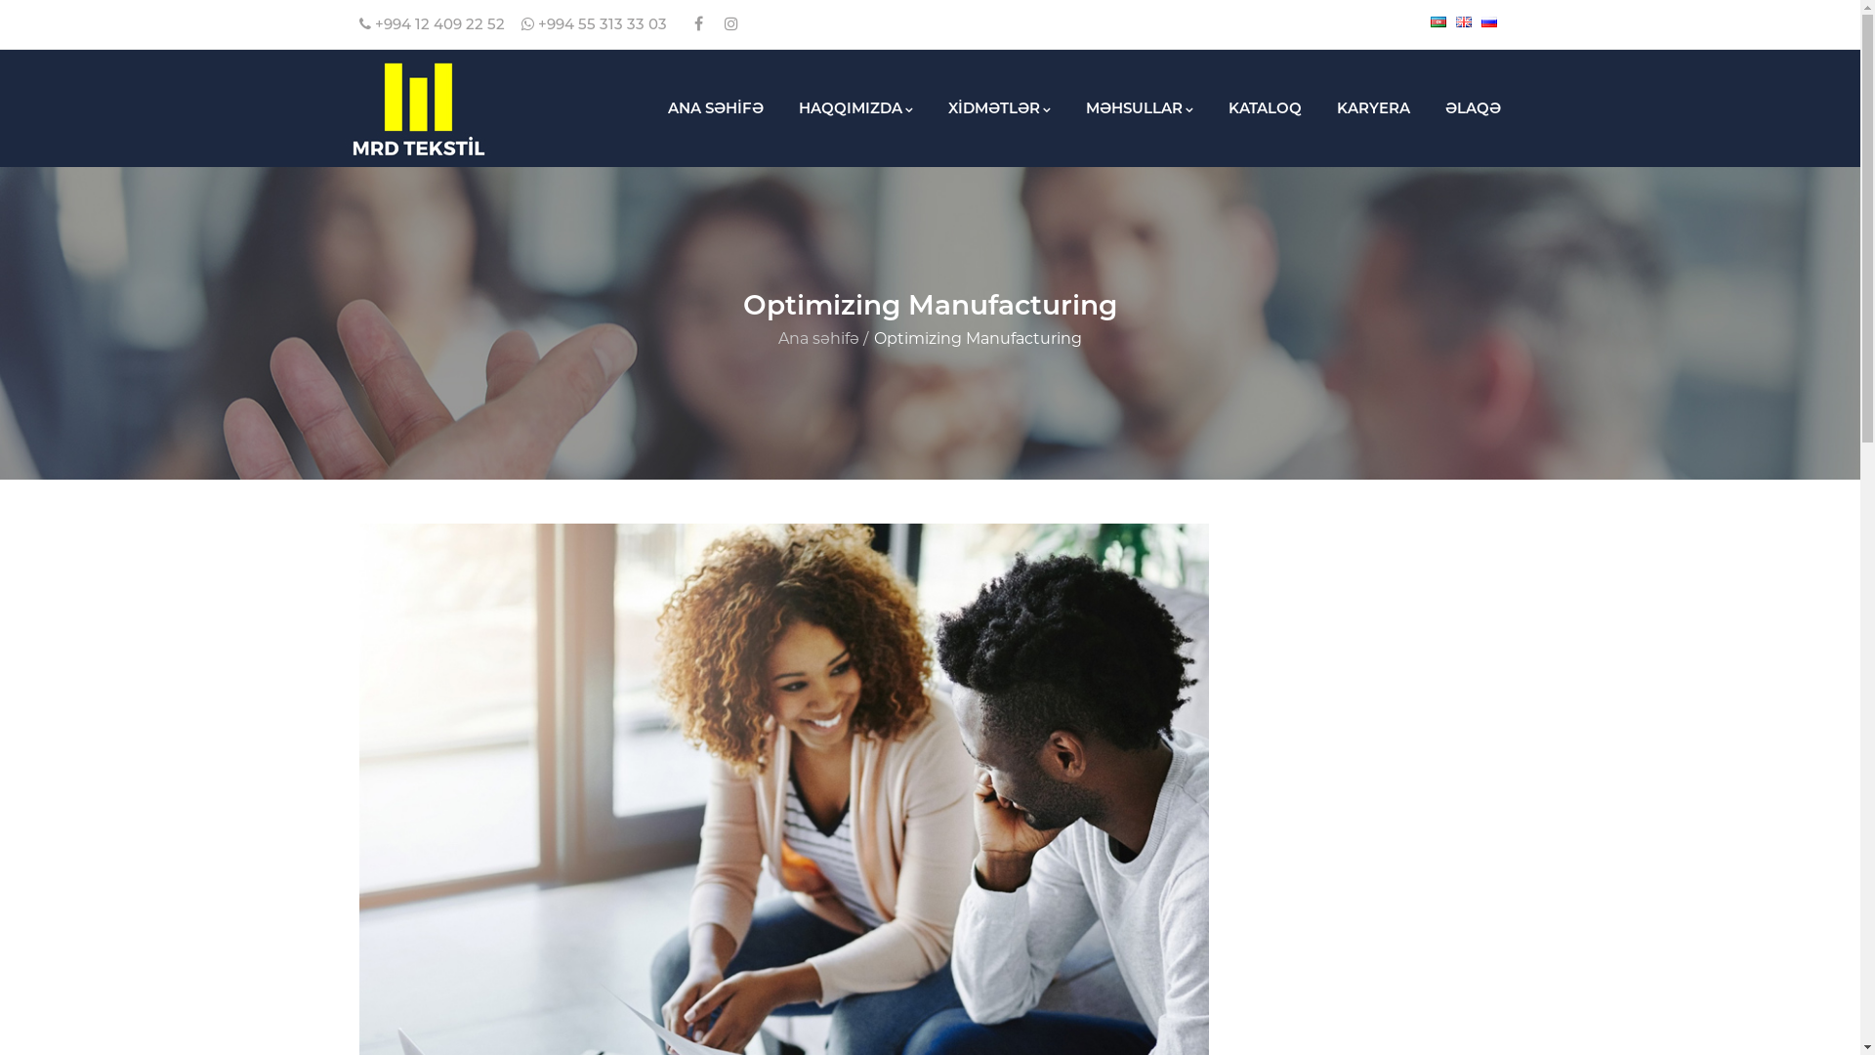 The height and width of the screenshot is (1055, 1875). What do you see at coordinates (1209, 108) in the screenshot?
I see `'KATALOQ'` at bounding box center [1209, 108].